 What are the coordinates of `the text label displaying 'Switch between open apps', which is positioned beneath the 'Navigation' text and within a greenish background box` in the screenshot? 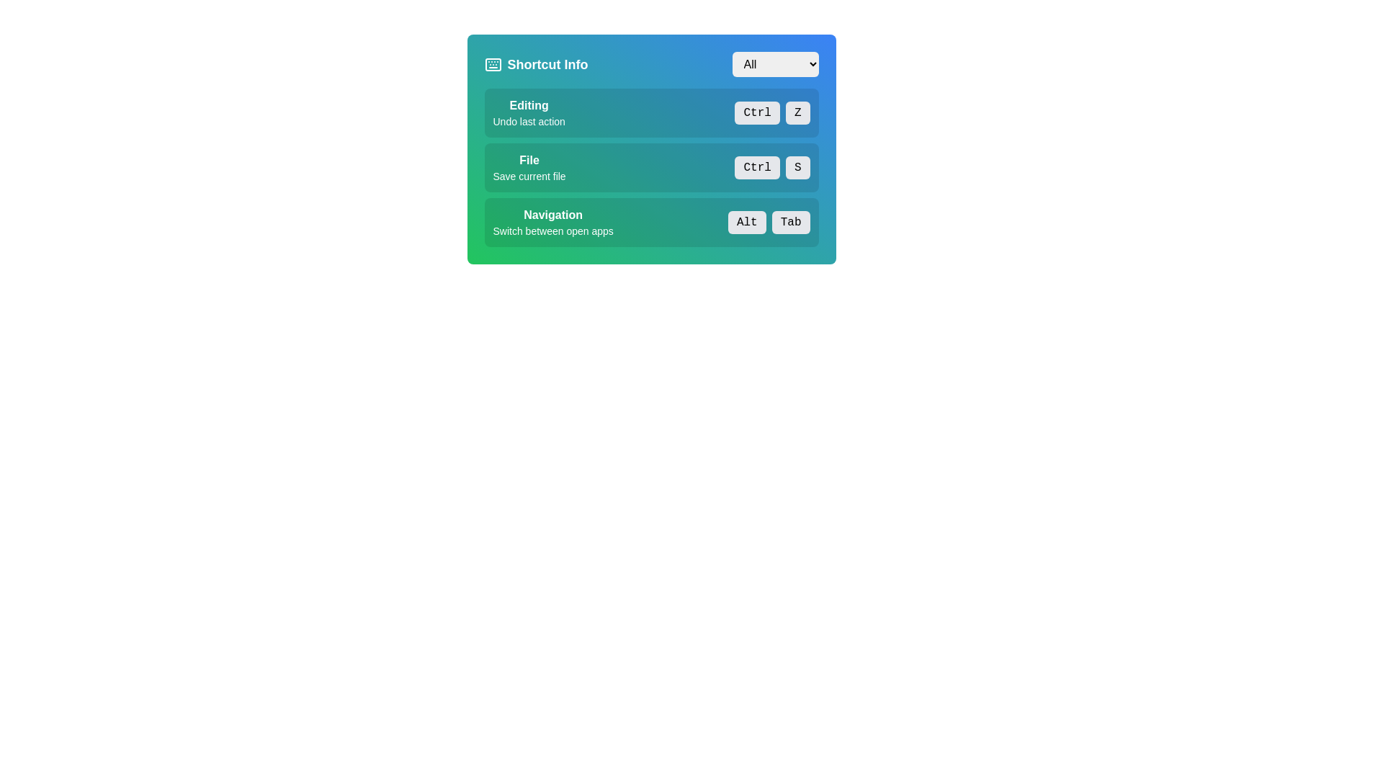 It's located at (552, 230).